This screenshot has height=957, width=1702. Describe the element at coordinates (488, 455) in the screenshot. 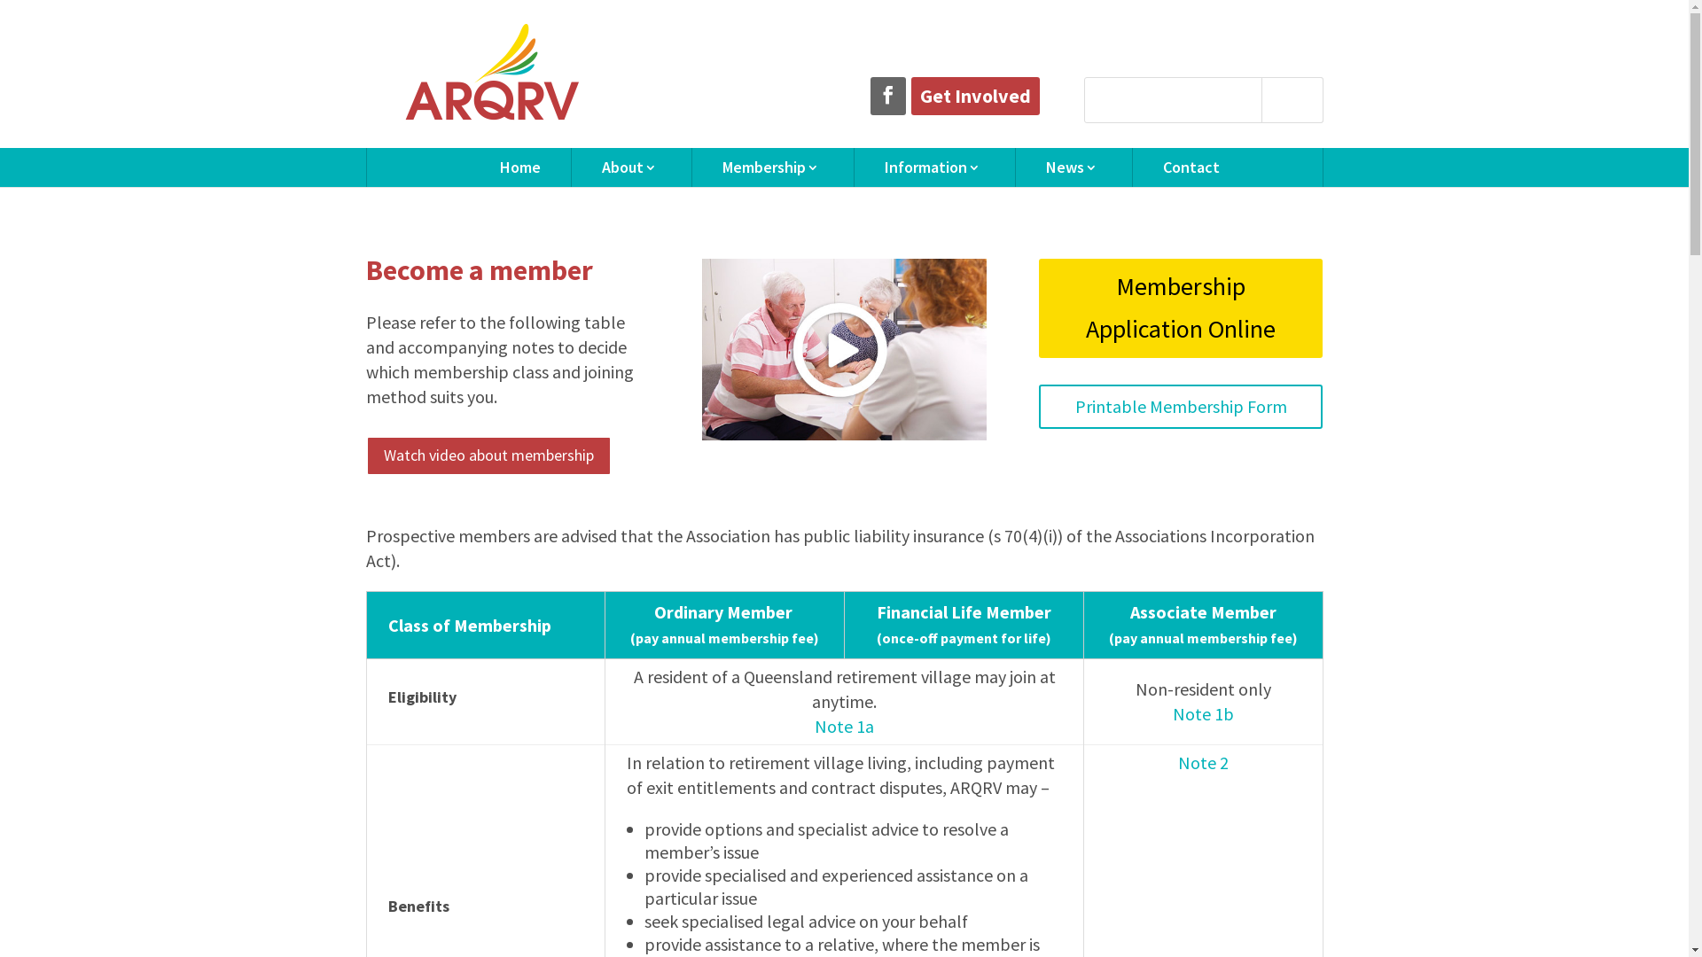

I see `'Watch video about membership'` at that location.